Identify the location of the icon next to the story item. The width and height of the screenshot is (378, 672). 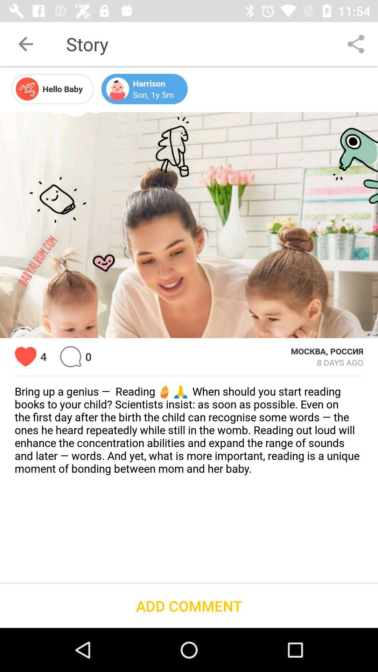
(356, 43).